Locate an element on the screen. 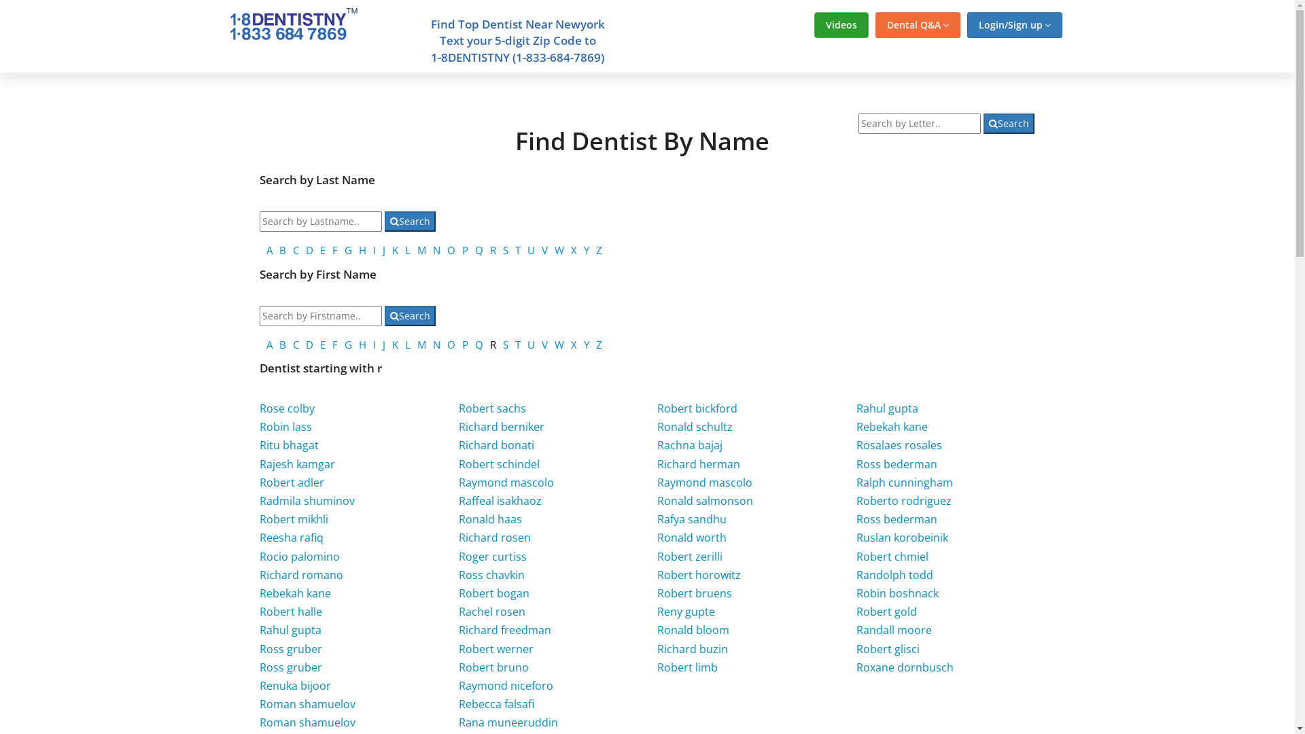 This screenshot has height=734, width=1305. 'M' is located at coordinates (421, 249).